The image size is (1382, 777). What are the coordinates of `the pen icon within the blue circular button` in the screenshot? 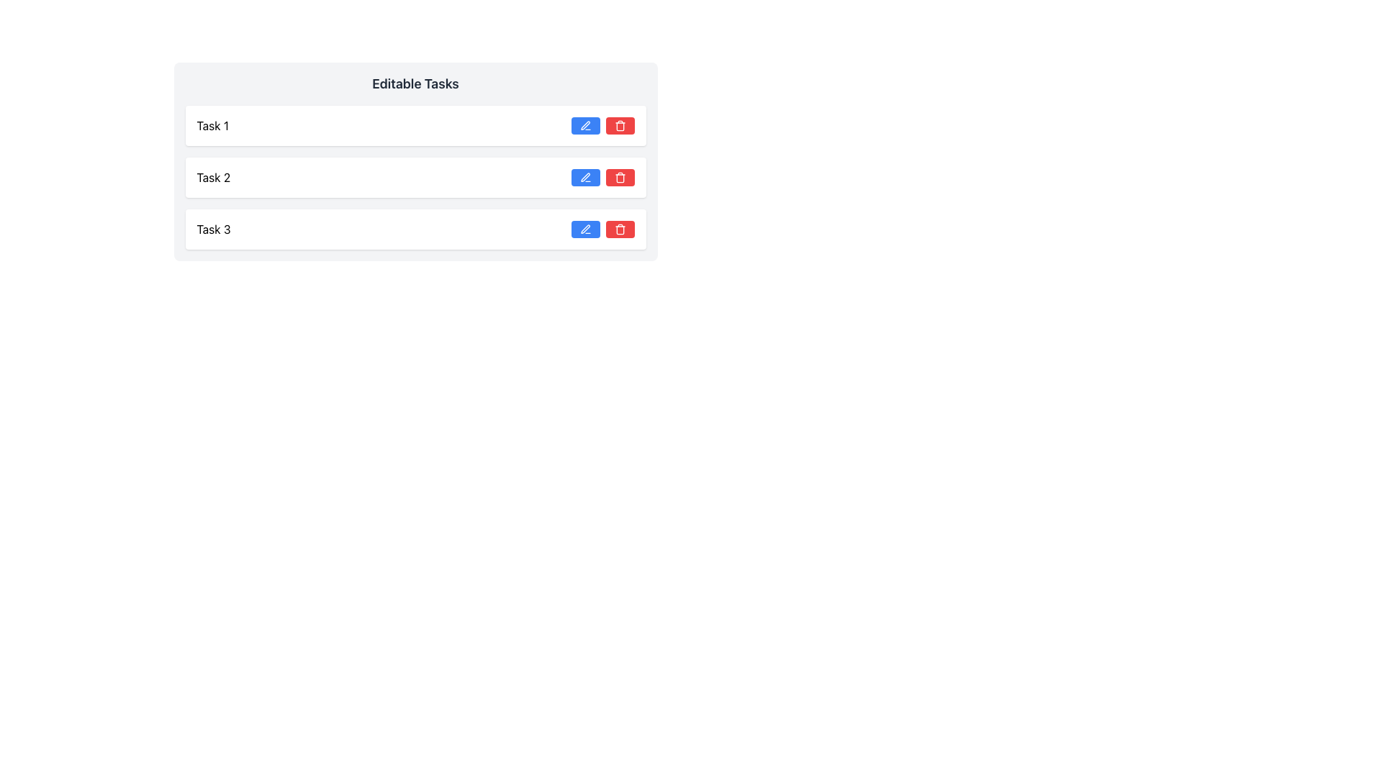 It's located at (585, 176).